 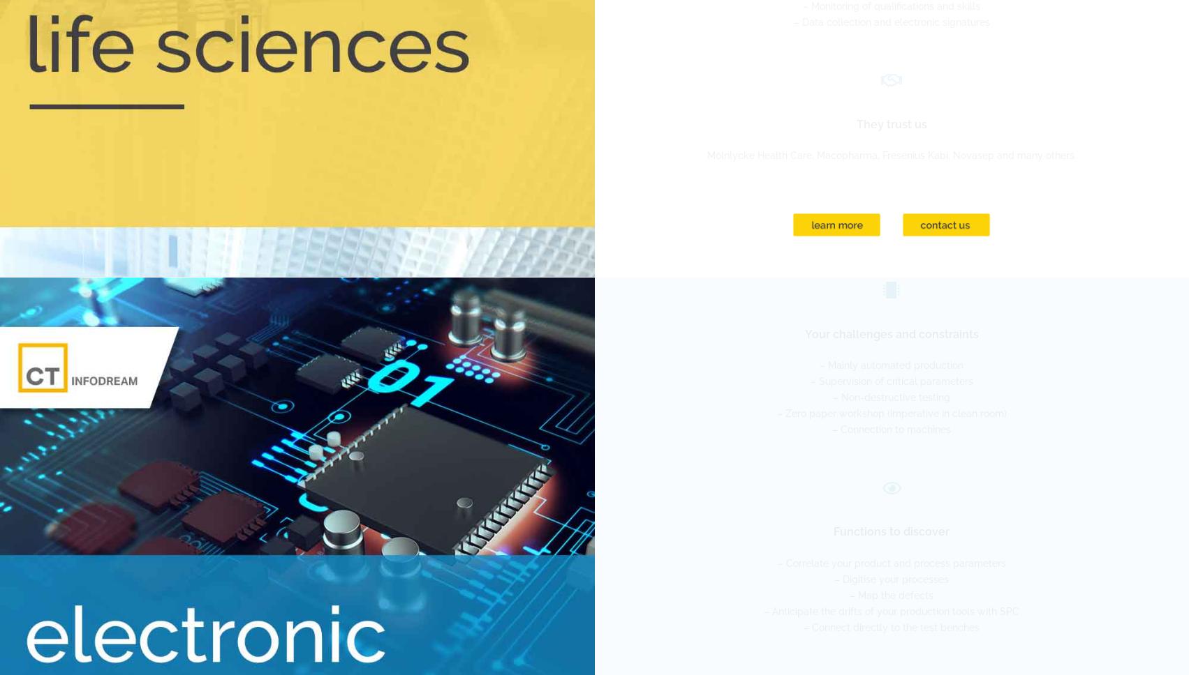 I want to click on '– Digitise your processes', so click(x=891, y=578).